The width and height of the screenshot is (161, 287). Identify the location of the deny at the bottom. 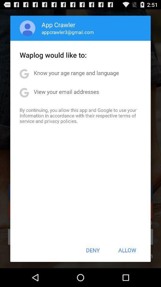
(93, 250).